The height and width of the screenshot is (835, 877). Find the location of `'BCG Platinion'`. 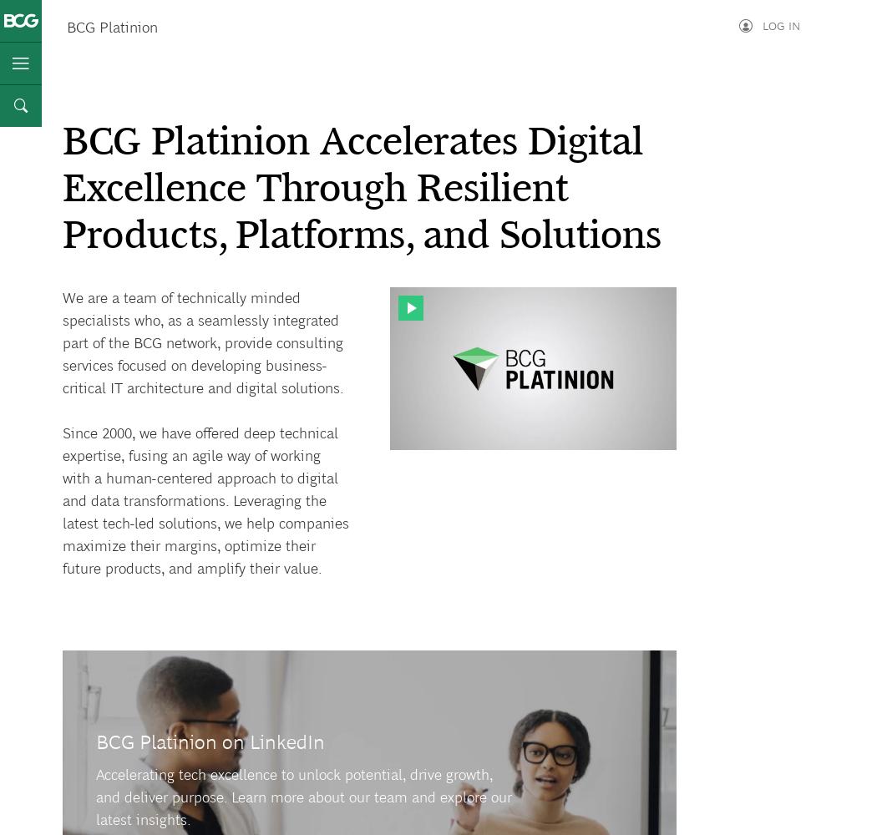

'BCG Platinion' is located at coordinates (111, 28).